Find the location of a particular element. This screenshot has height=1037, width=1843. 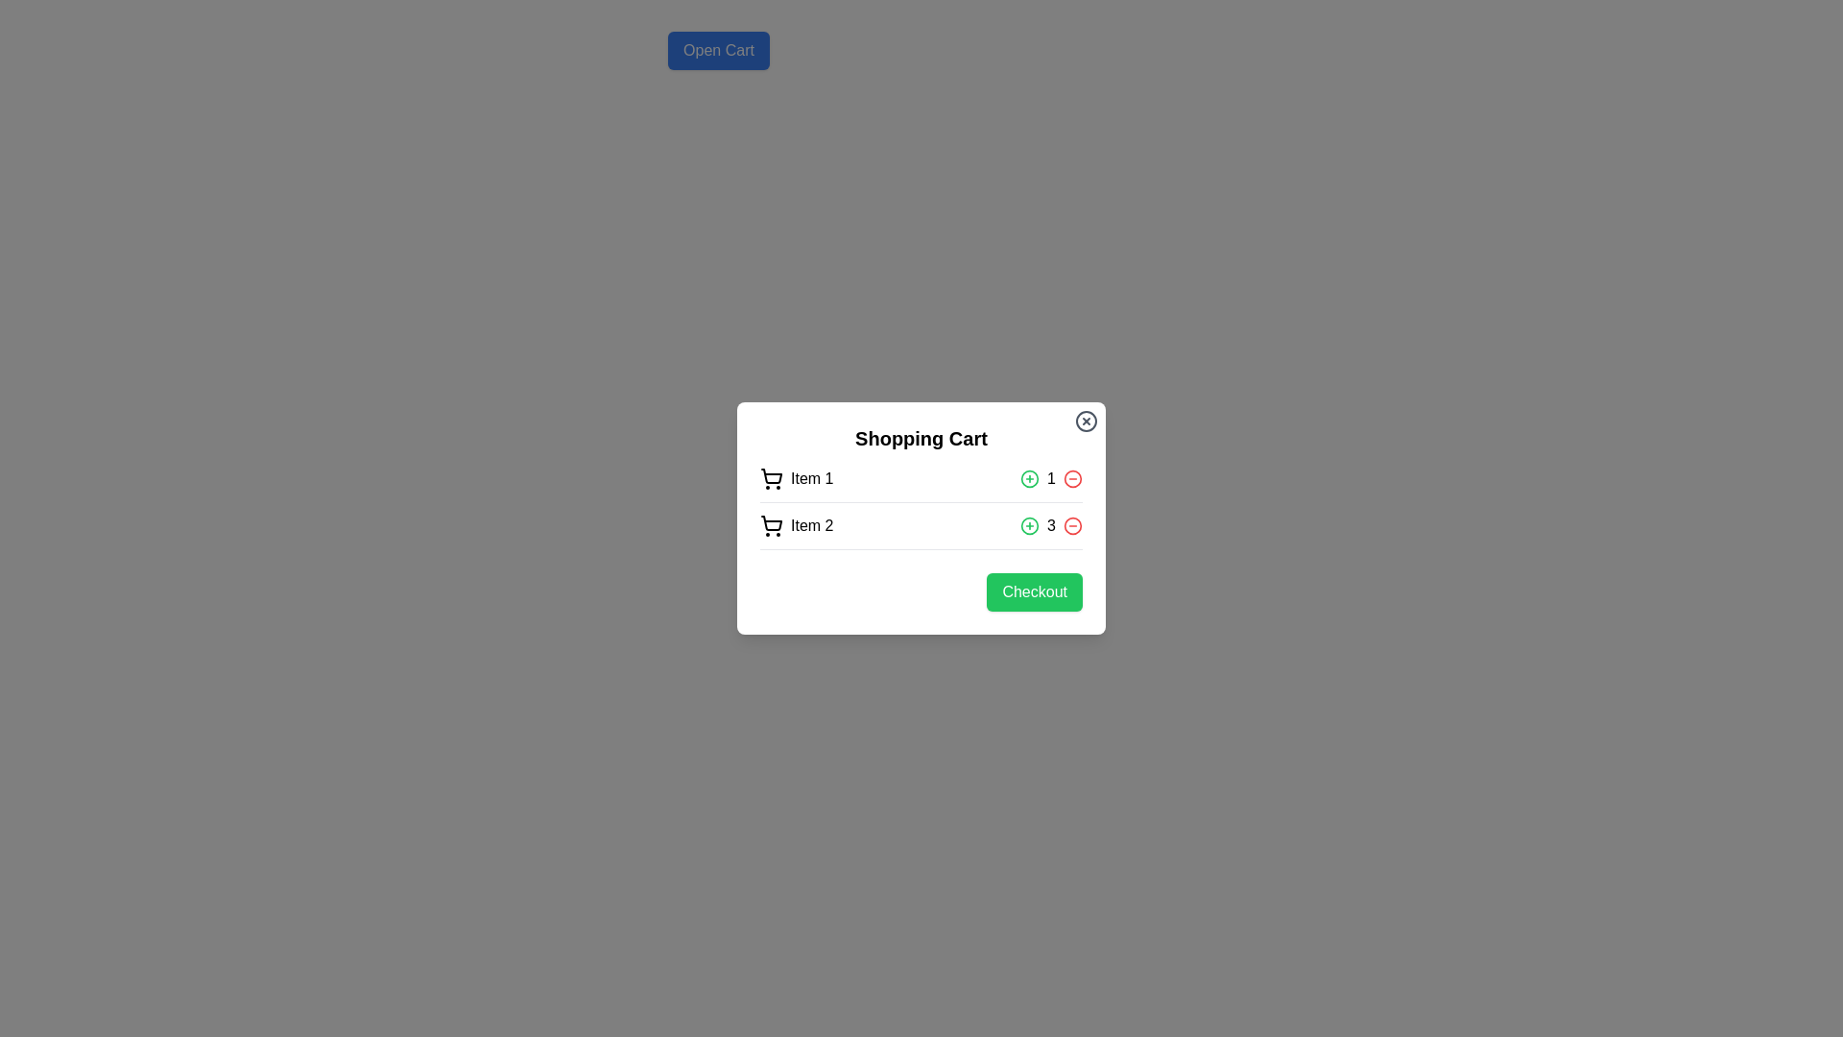

the circular boundary of the action button located next to the increment button for the quantity of the second item in the shopping cart popup is located at coordinates (1029, 477).